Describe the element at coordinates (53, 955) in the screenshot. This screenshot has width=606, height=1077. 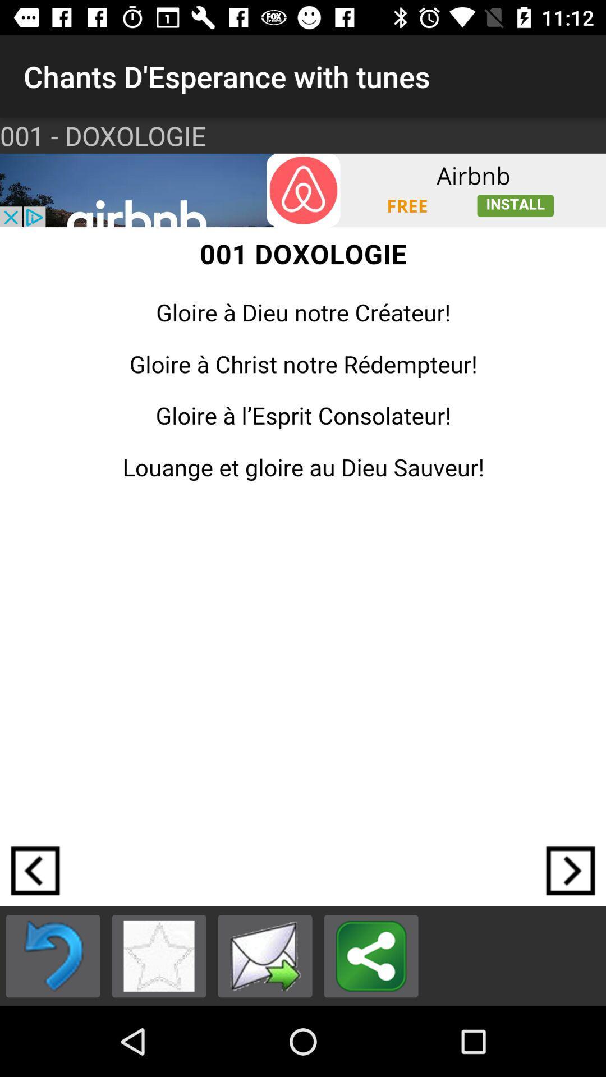
I see `the undo icon` at that location.